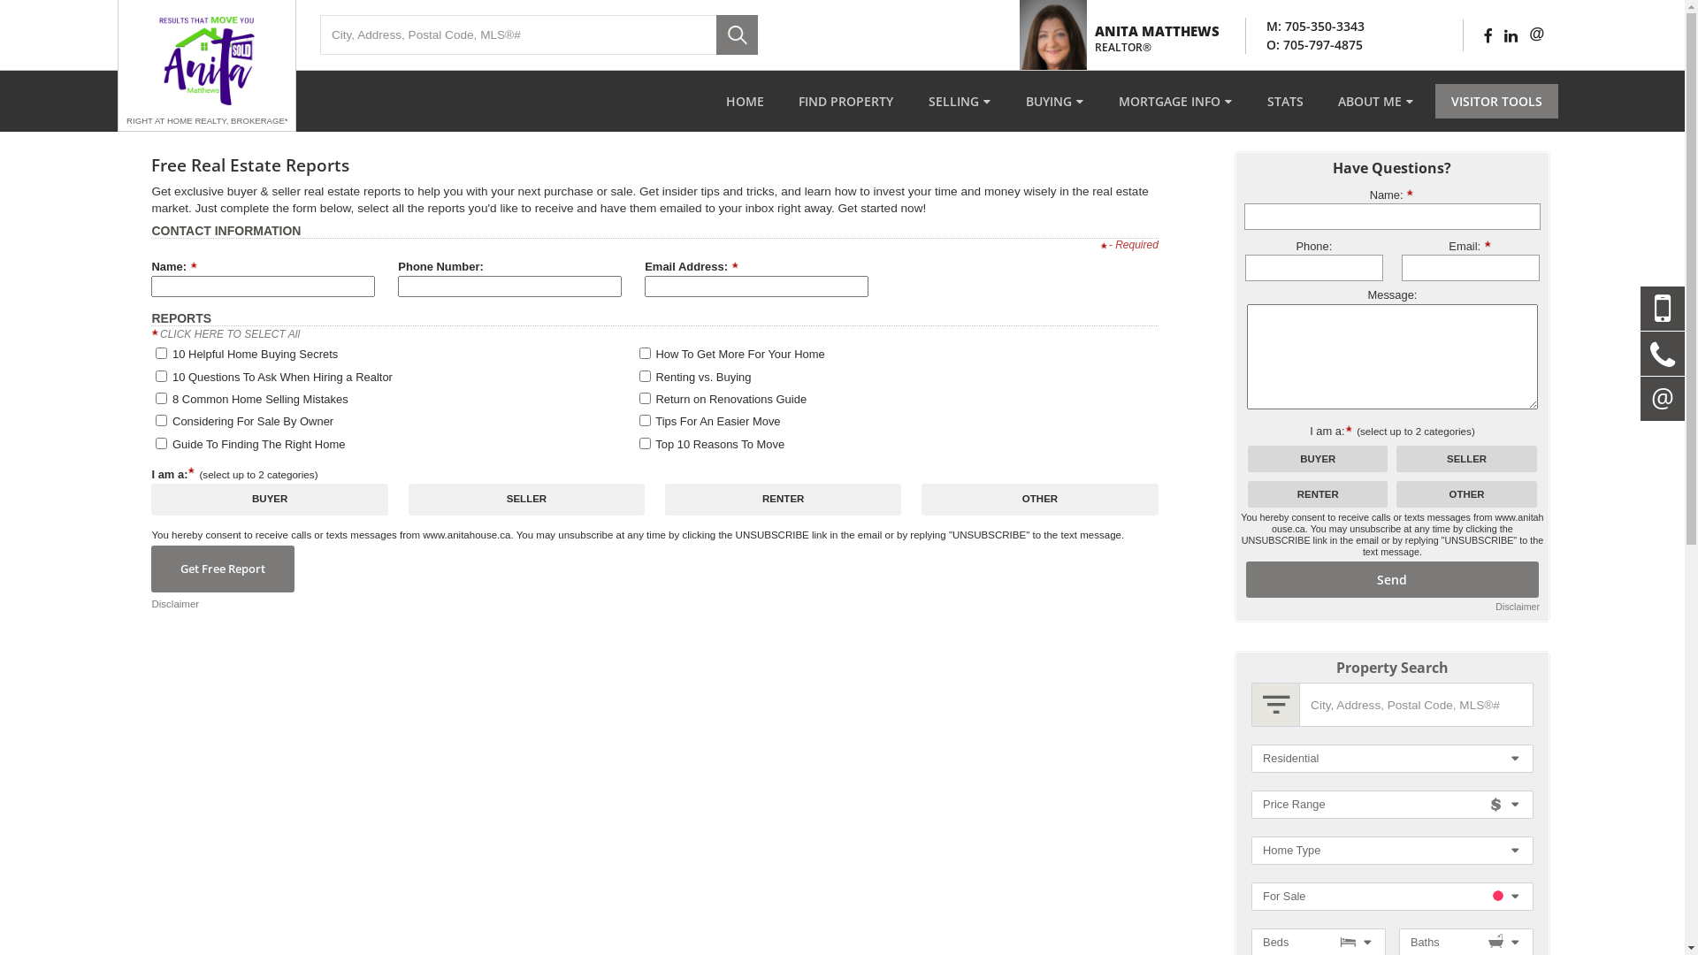  I want to click on 'BUYING', so click(1054, 101).